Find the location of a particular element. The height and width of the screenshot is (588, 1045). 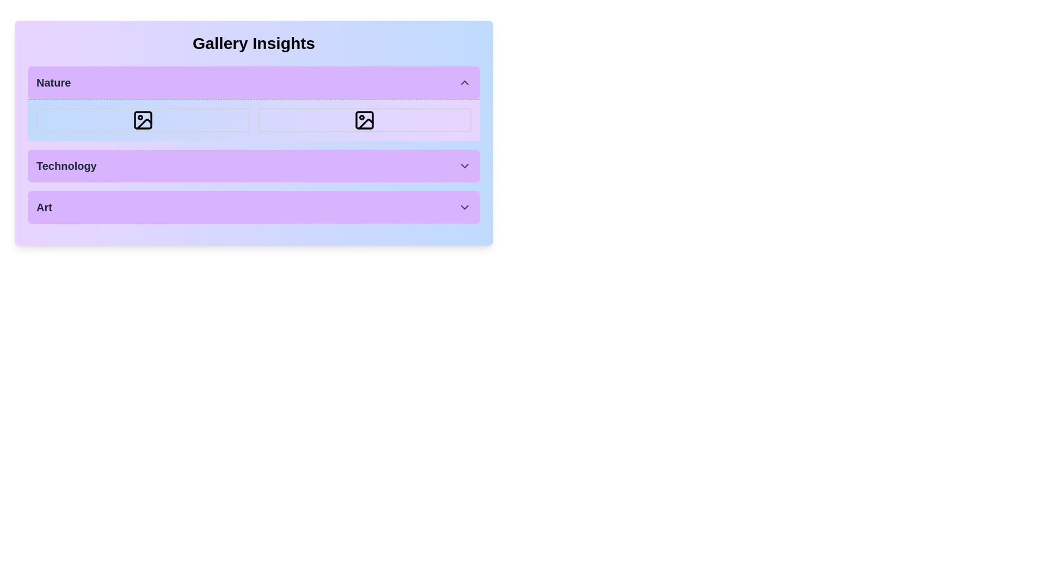

text label/heading that introduces the gallery insights theme, located at the top of the group and centered horizontally is located at coordinates (253, 43).